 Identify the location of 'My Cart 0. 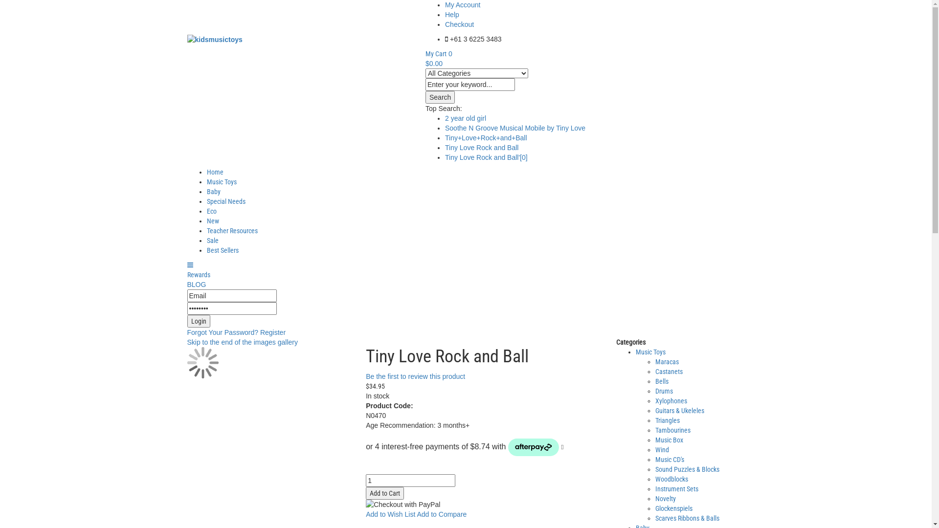
(585, 59).